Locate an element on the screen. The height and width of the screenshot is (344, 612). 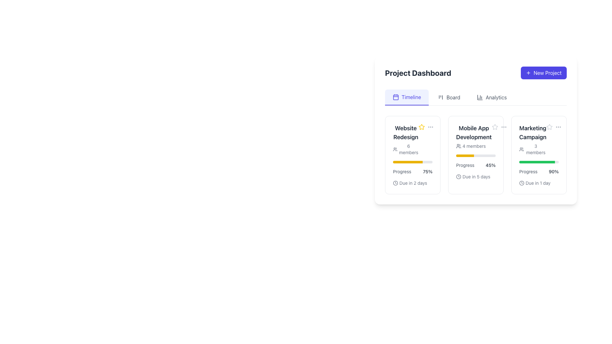
the SVG icon representing a group of users located to the left of the text '6 members' in the 'Website Redesign' card is located at coordinates (395, 149).